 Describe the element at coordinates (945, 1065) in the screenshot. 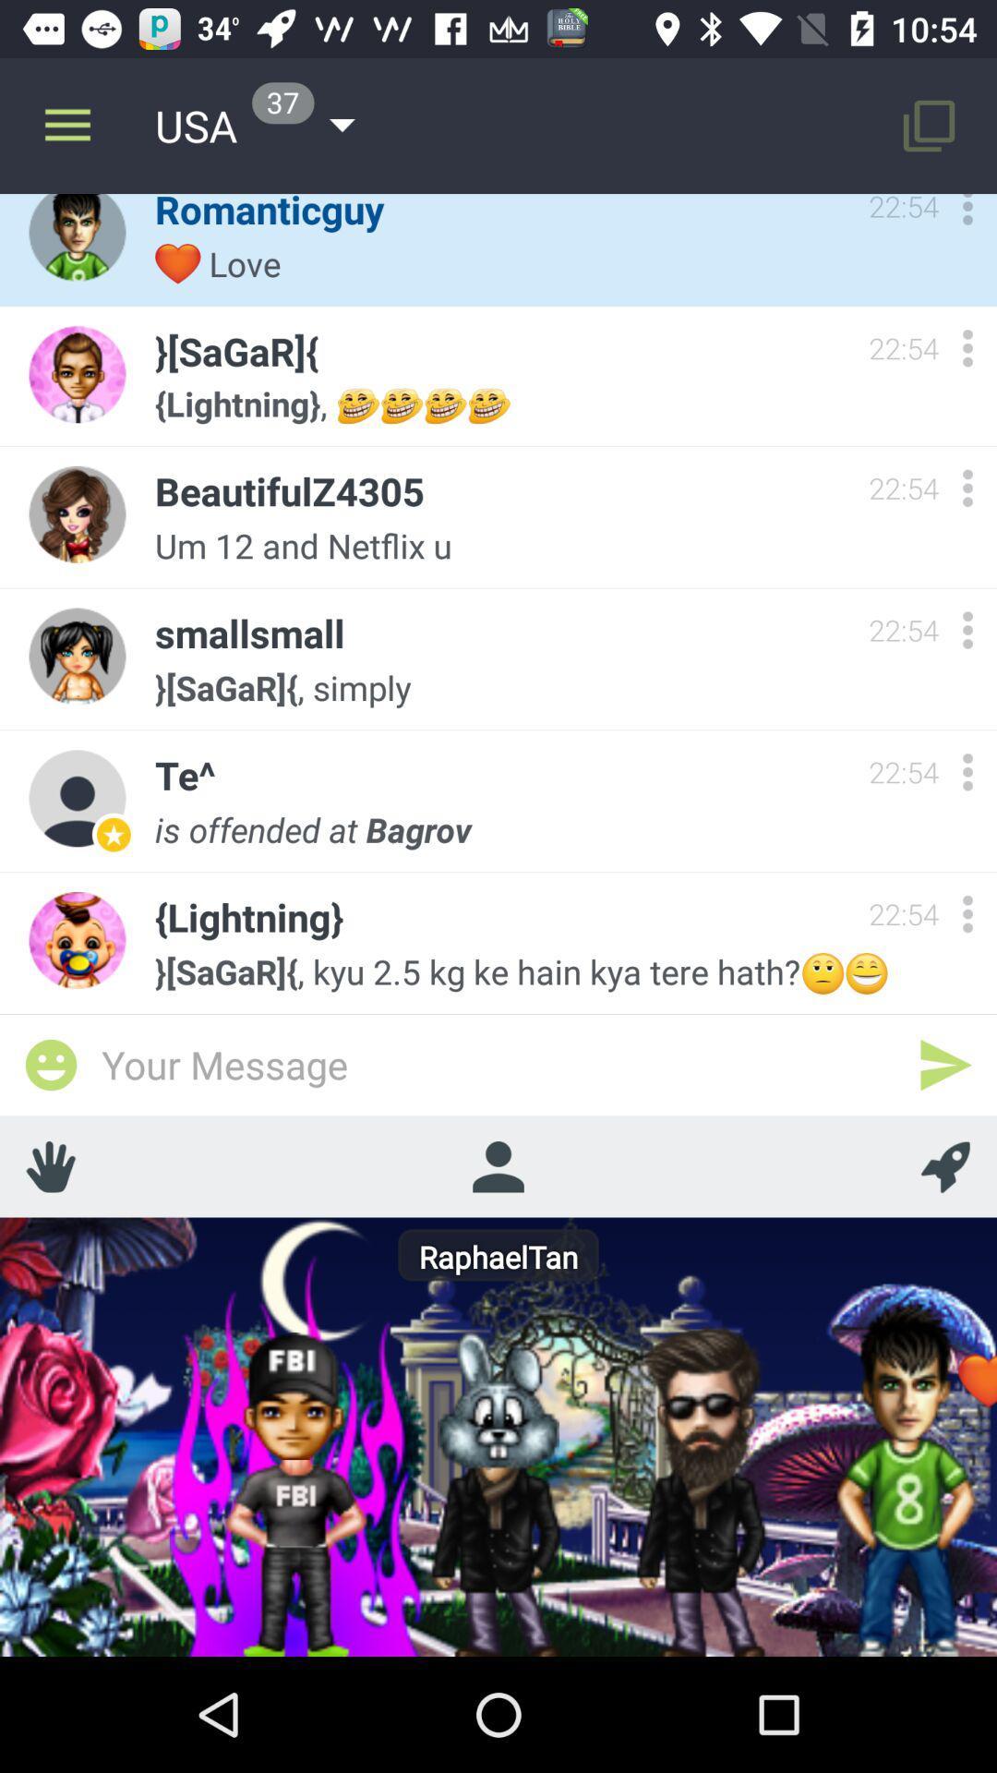

I see `relay message` at that location.